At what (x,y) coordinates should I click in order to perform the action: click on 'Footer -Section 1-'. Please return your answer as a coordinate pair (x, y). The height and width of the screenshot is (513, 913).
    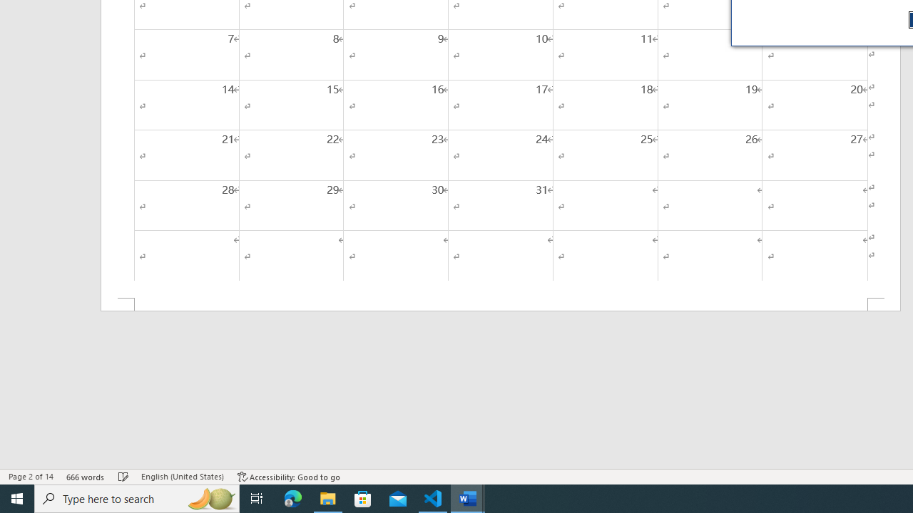
    Looking at the image, I should click on (501, 304).